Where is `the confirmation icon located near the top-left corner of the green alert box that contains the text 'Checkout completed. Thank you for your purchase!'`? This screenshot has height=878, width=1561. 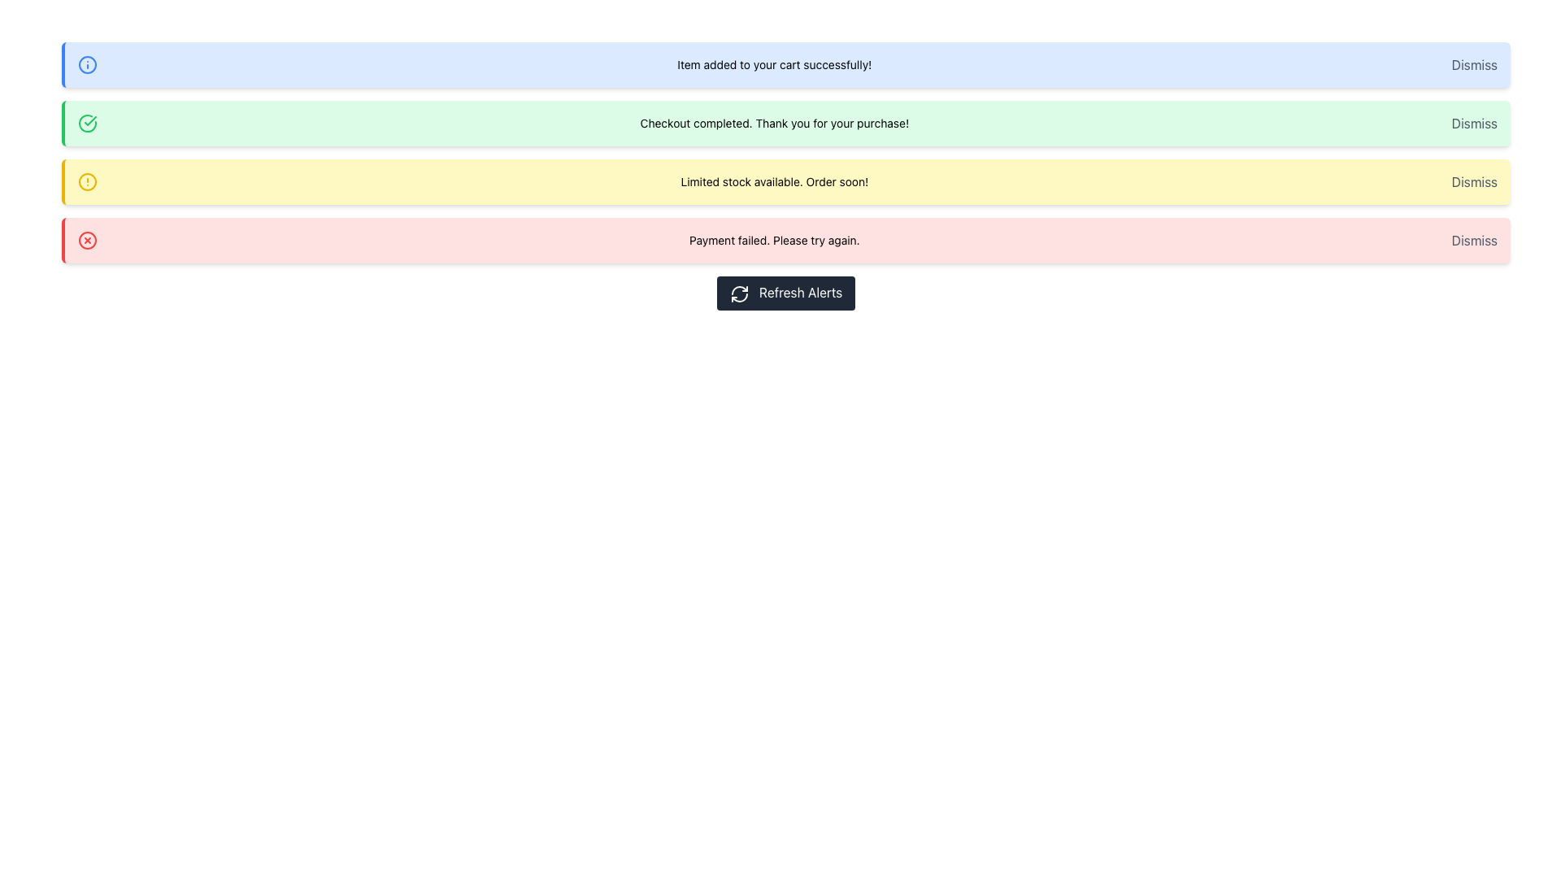
the confirmation icon located near the top-left corner of the green alert box that contains the text 'Checkout completed. Thank you for your purchase!' is located at coordinates (87, 122).